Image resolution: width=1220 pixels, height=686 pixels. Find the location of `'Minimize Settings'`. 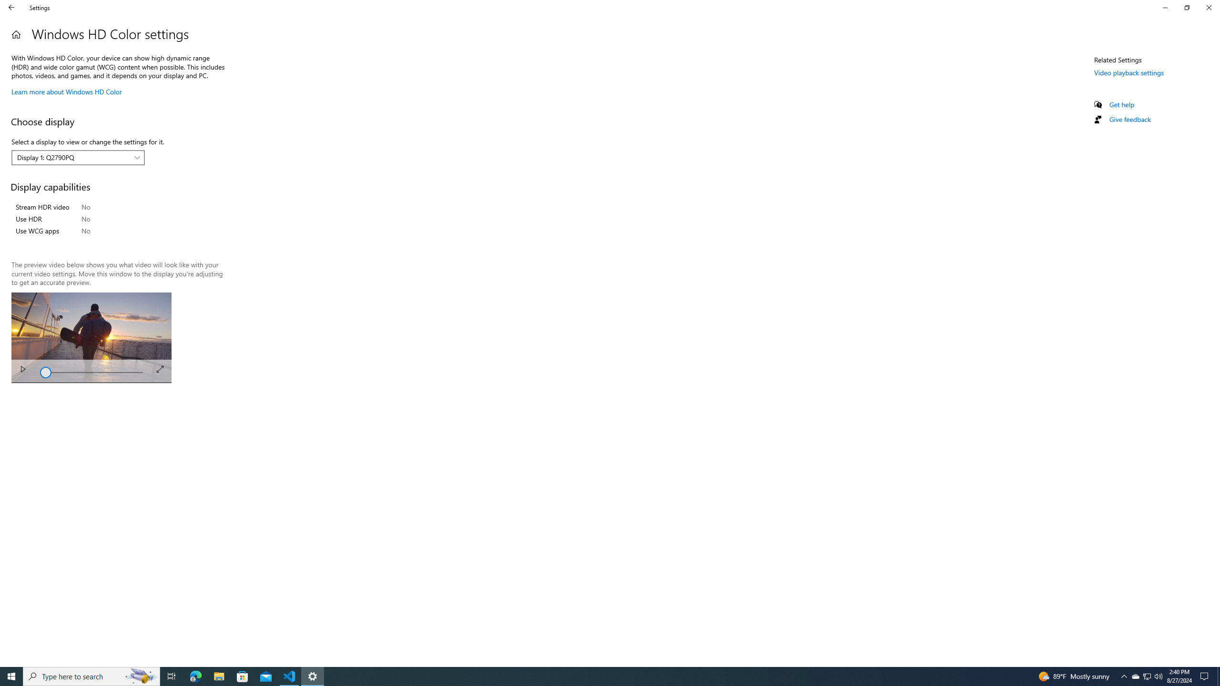

'Minimize Settings' is located at coordinates (1164, 7).